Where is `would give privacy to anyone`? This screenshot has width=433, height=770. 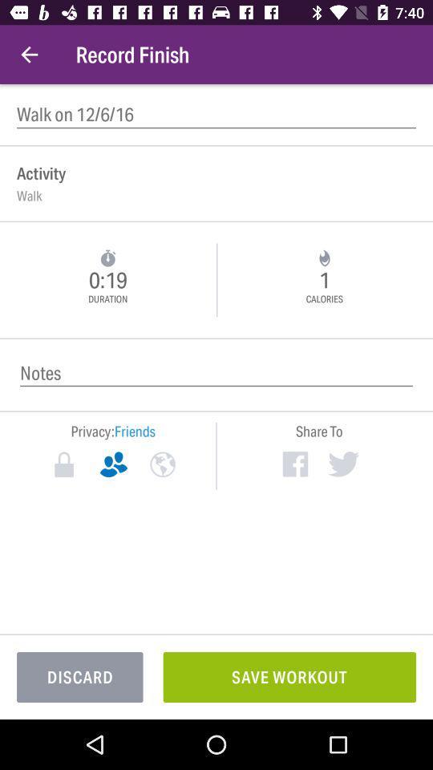
would give privacy to anyone is located at coordinates (162, 464).